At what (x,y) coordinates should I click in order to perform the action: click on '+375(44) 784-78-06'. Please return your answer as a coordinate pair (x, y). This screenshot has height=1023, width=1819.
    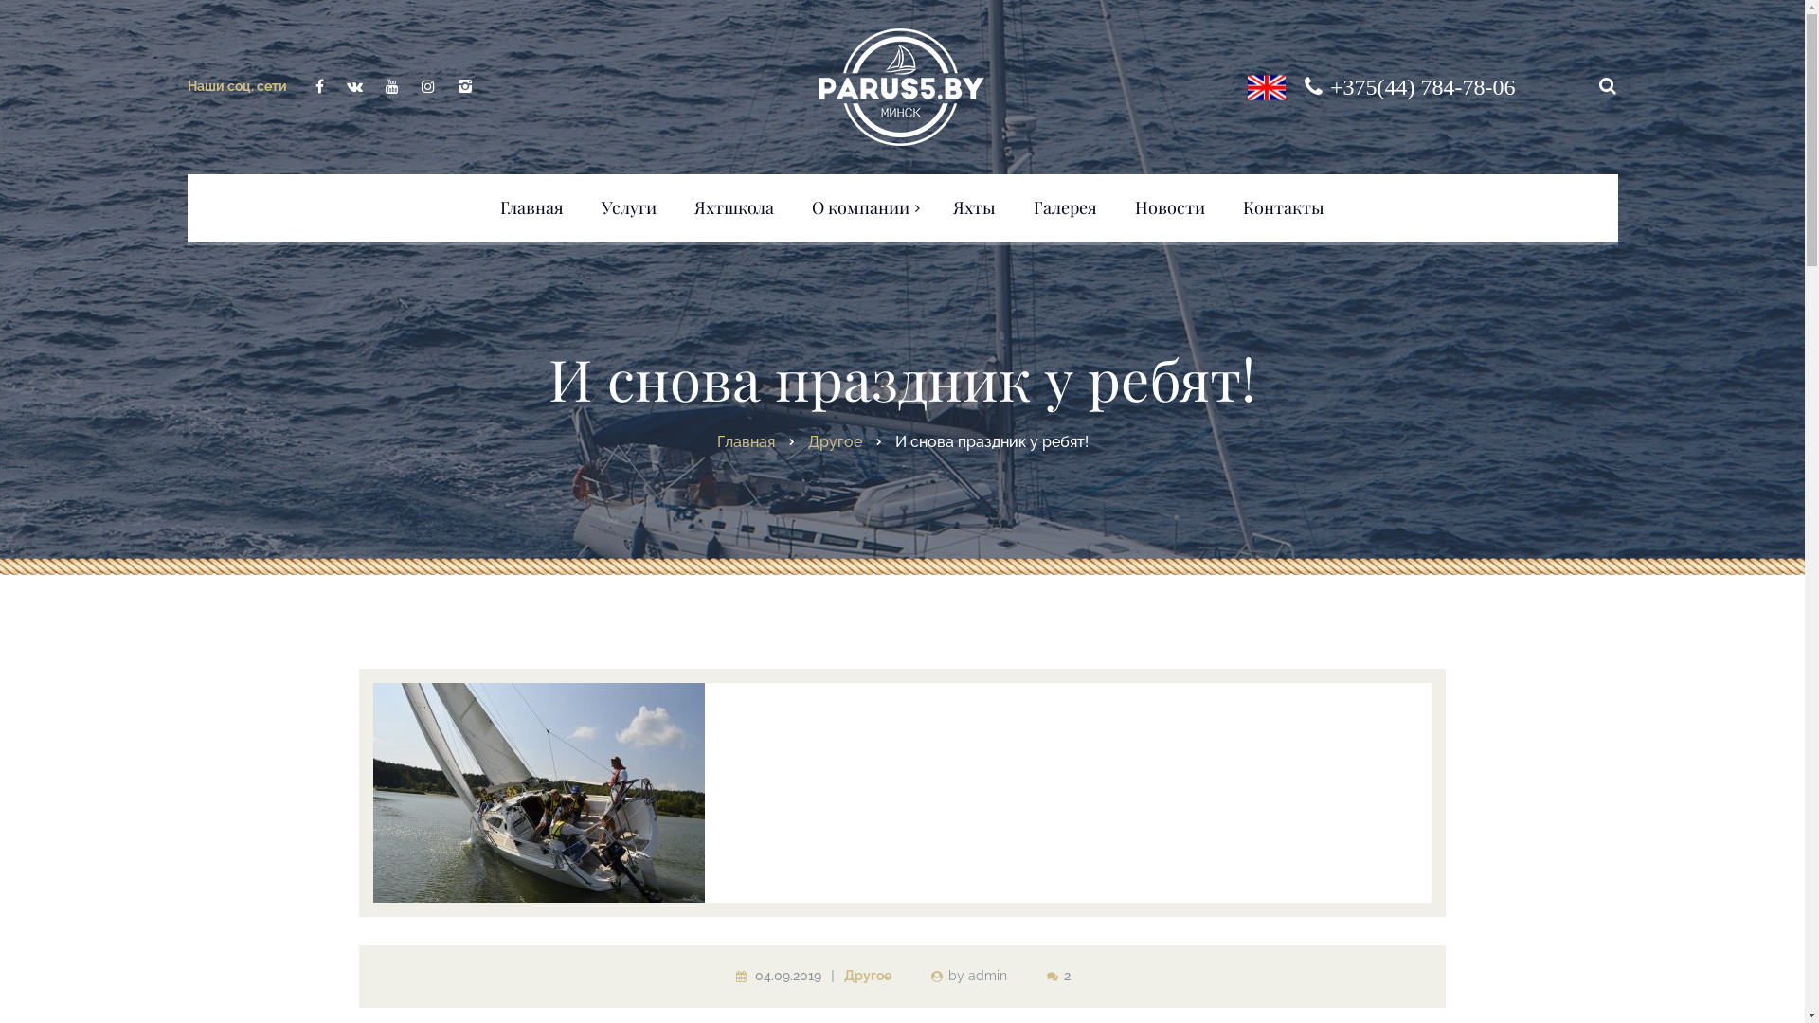
    Looking at the image, I should click on (1423, 86).